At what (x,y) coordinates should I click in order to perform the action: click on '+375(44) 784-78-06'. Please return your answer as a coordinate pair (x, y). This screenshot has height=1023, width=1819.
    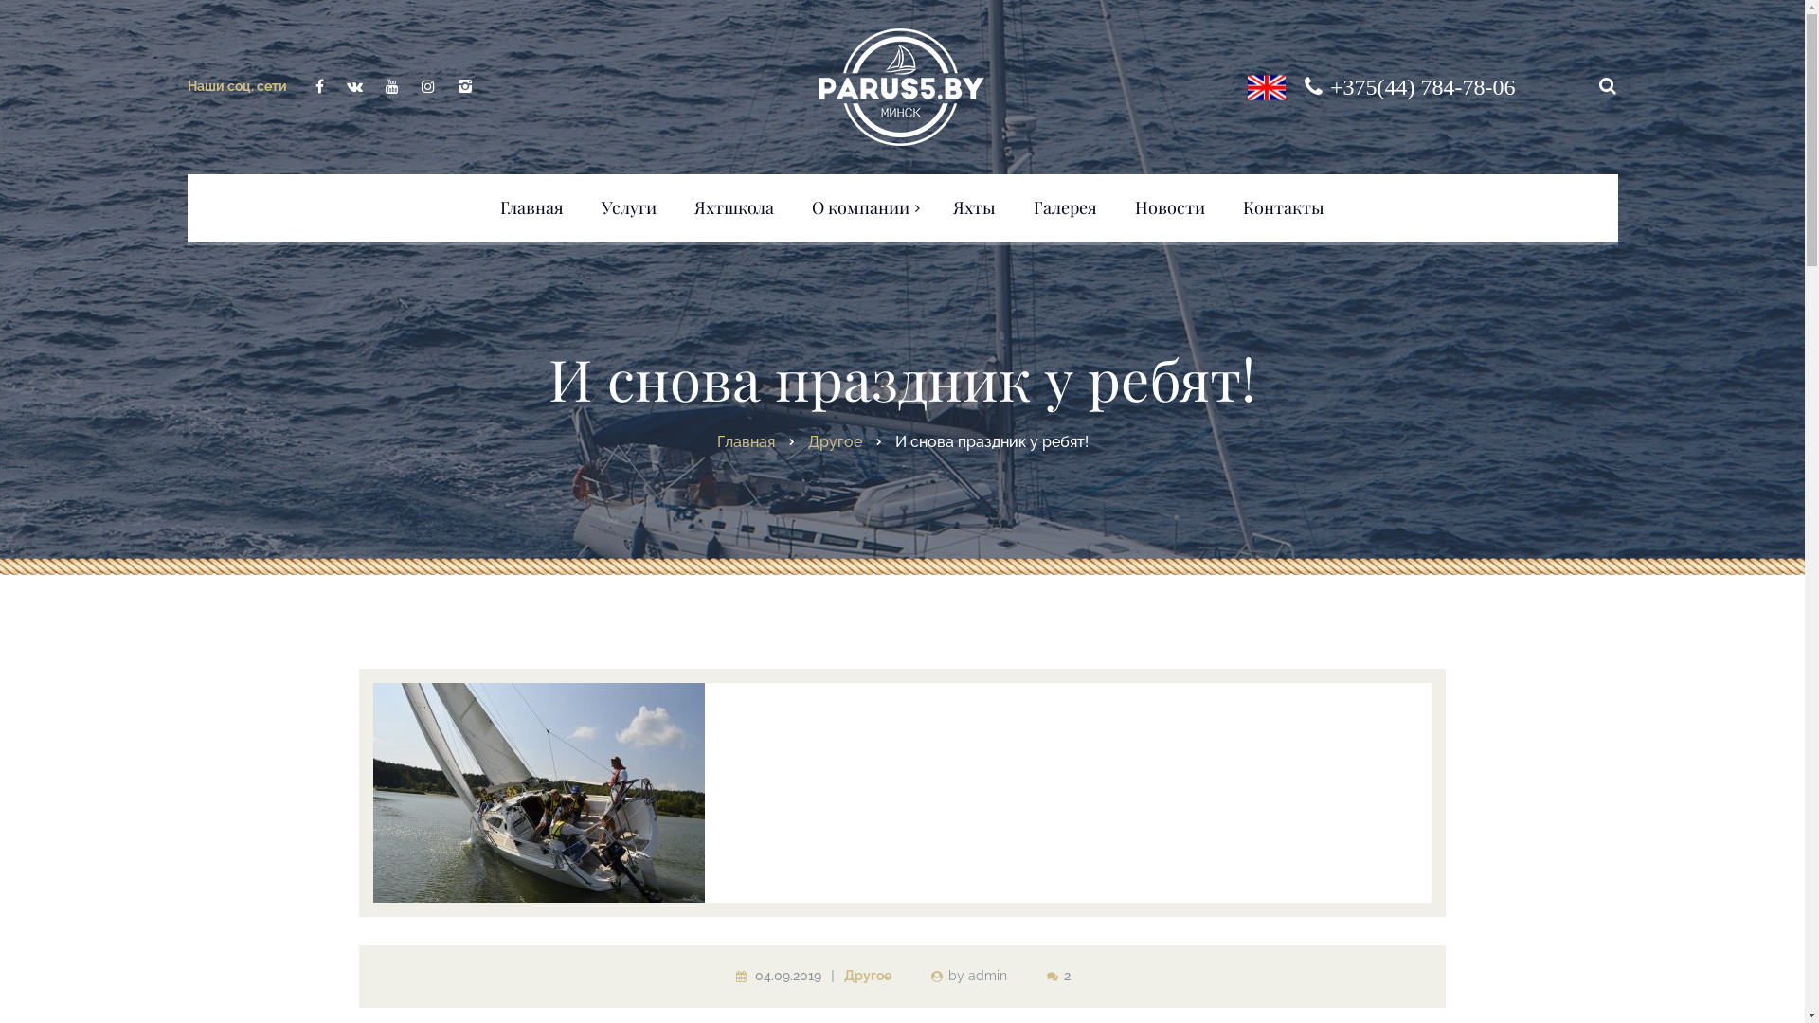
    Looking at the image, I should click on (1423, 86).